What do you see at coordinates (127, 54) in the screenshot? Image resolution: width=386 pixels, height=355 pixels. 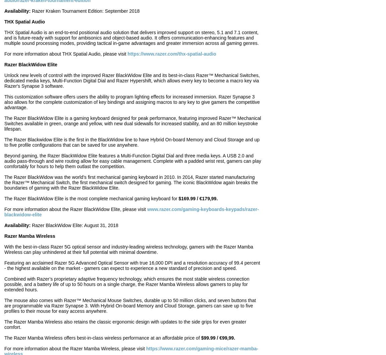 I see `'https://www.razer.com/thx-spatial-audio'` at bounding box center [127, 54].